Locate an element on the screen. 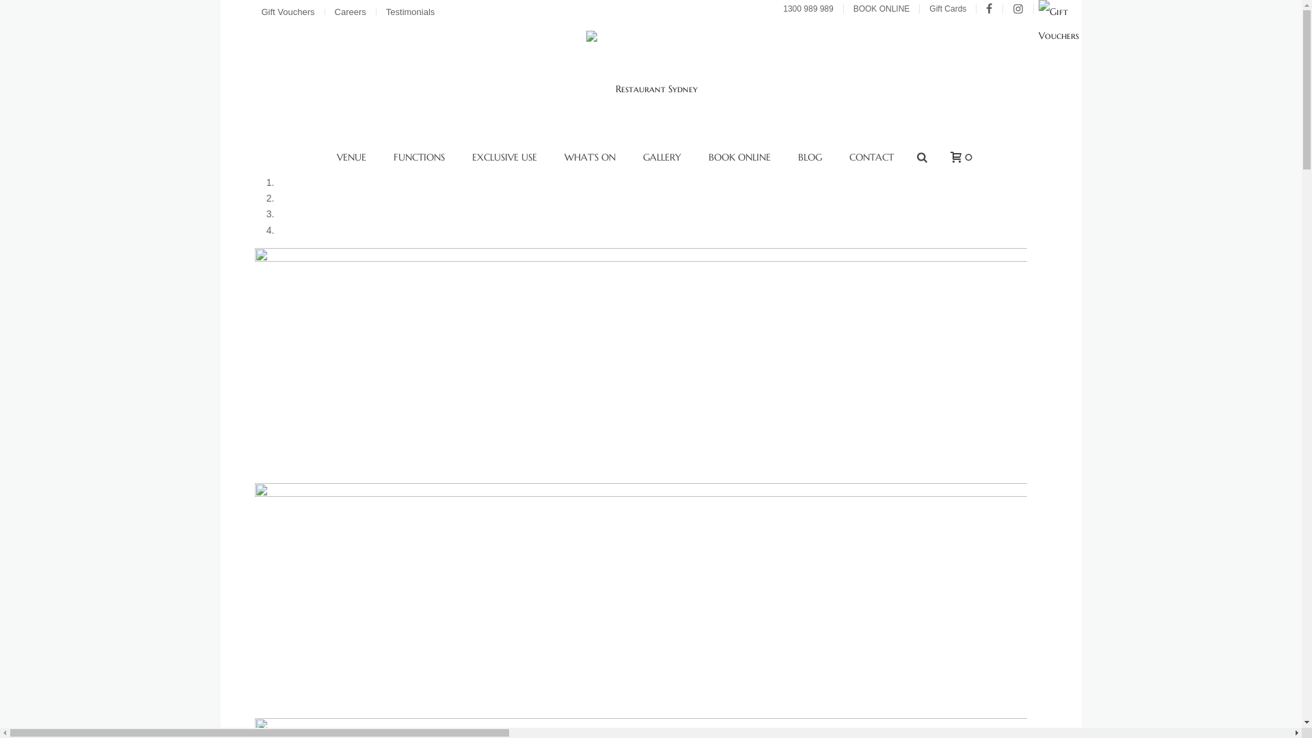 Image resolution: width=1312 pixels, height=738 pixels. 'FUNCTIONS' is located at coordinates (418, 156).